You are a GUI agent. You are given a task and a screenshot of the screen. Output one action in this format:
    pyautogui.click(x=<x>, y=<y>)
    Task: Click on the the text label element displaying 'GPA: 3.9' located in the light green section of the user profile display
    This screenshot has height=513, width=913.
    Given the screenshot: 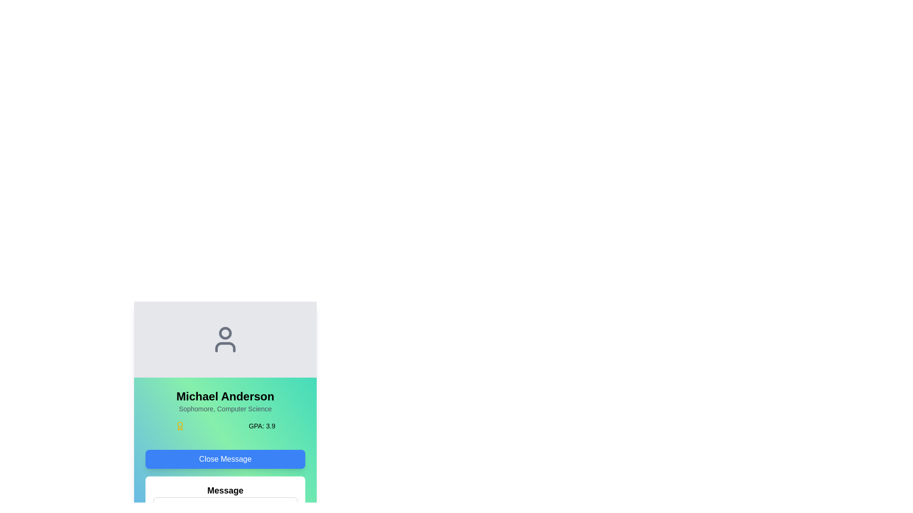 What is the action you would take?
    pyautogui.click(x=262, y=426)
    